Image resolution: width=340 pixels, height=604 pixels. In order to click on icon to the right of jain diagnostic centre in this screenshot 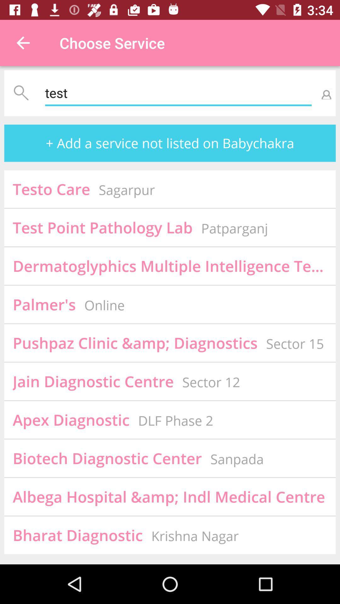, I will do `click(211, 382)`.